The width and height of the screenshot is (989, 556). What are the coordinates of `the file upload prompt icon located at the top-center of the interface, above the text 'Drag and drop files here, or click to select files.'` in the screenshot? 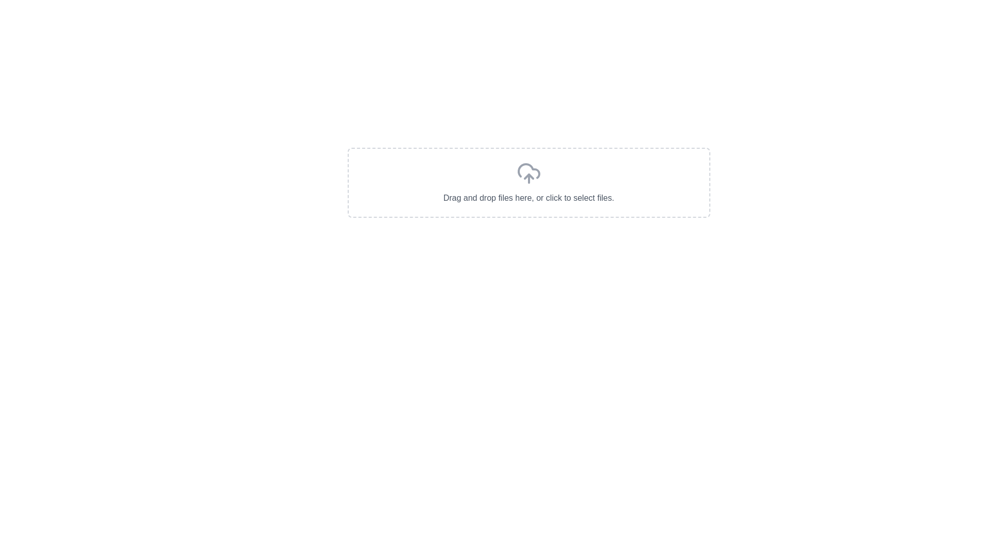 It's located at (528, 172).